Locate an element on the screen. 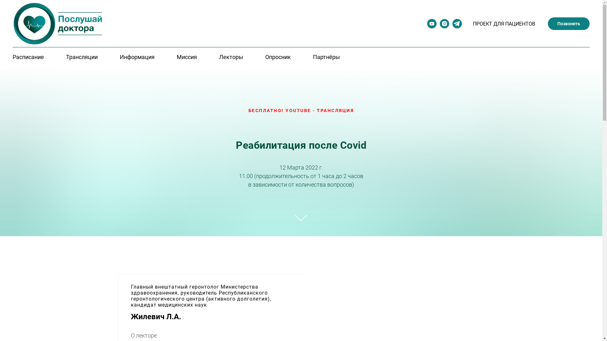  'Instagram' is located at coordinates (444, 26).